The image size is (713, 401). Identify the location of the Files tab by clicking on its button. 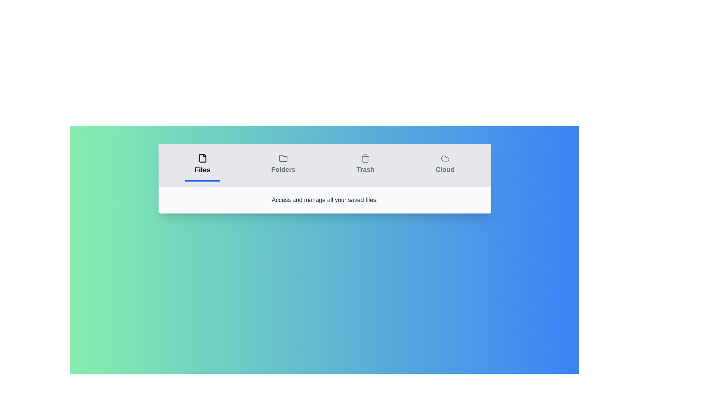
(202, 164).